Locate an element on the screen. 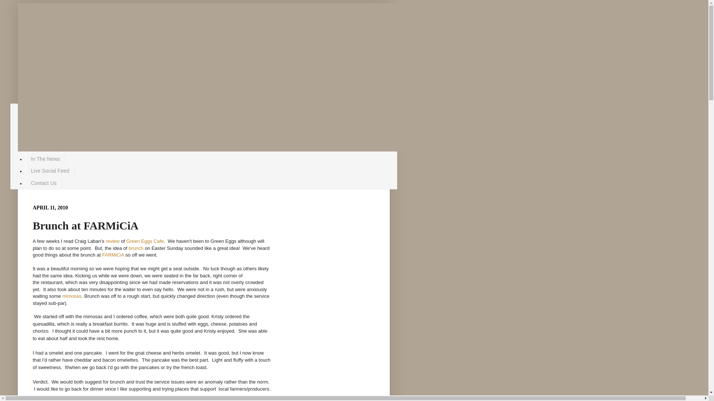  'Green Eggs Cafe' is located at coordinates (145, 241).